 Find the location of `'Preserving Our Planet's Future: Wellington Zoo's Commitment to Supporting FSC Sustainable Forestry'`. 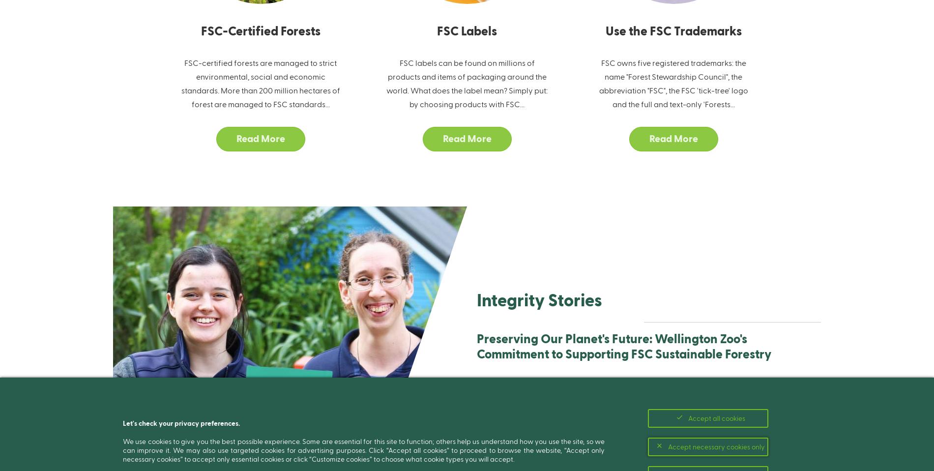

'Preserving Our Planet's Future: Wellington Zoo's Commitment to Supporting FSC Sustainable Forestry' is located at coordinates (623, 346).